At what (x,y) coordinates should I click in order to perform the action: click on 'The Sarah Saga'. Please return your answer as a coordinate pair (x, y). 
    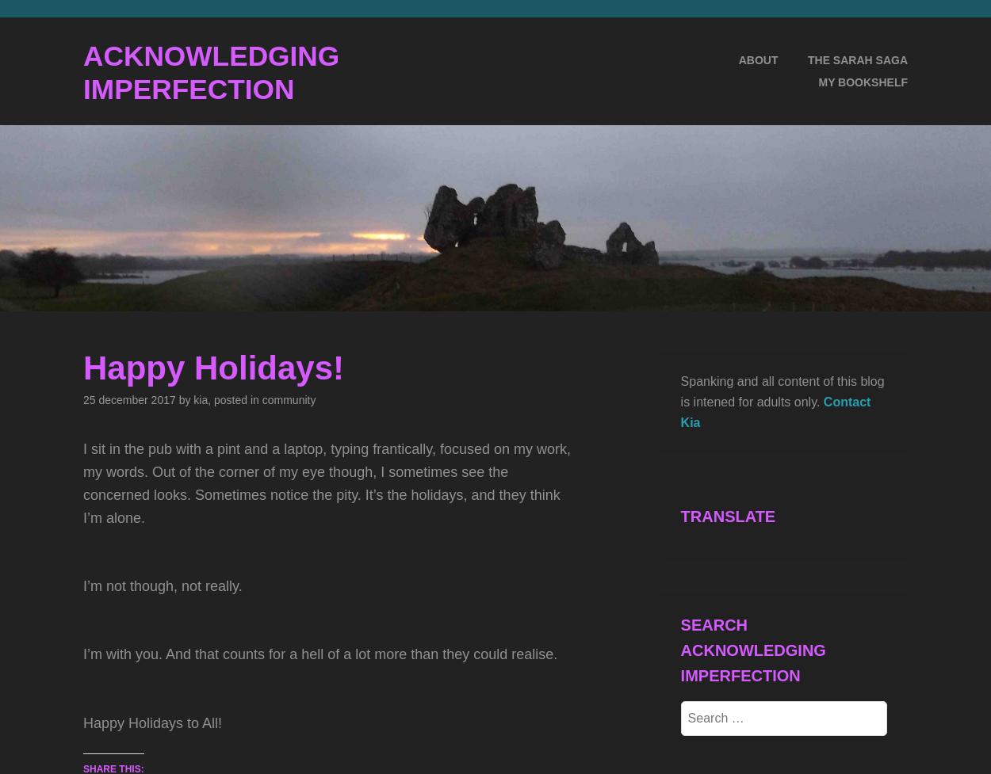
    Looking at the image, I should click on (856, 59).